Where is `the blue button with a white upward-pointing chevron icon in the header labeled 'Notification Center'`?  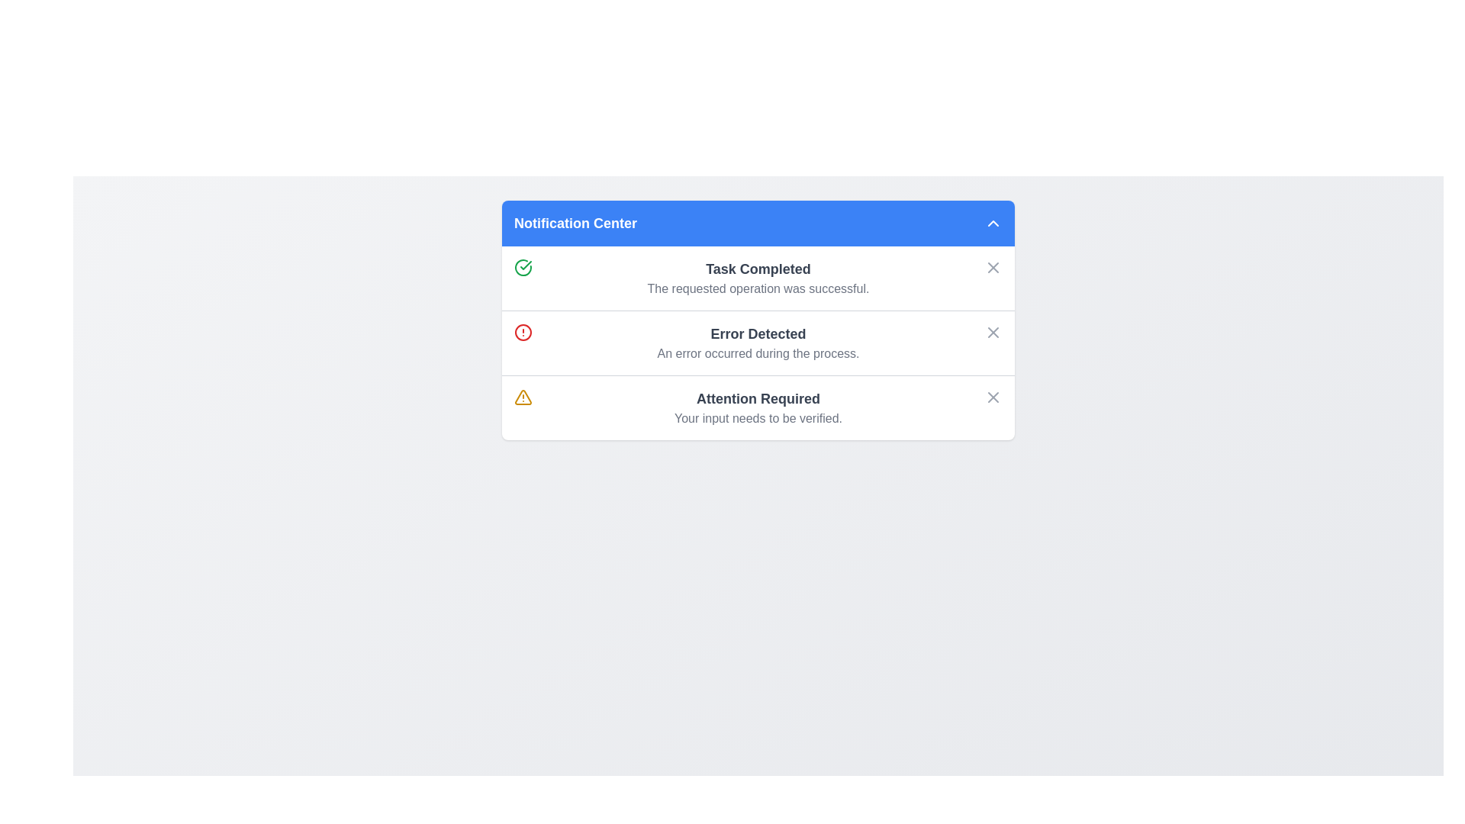
the blue button with a white upward-pointing chevron icon in the header labeled 'Notification Center' is located at coordinates (993, 224).